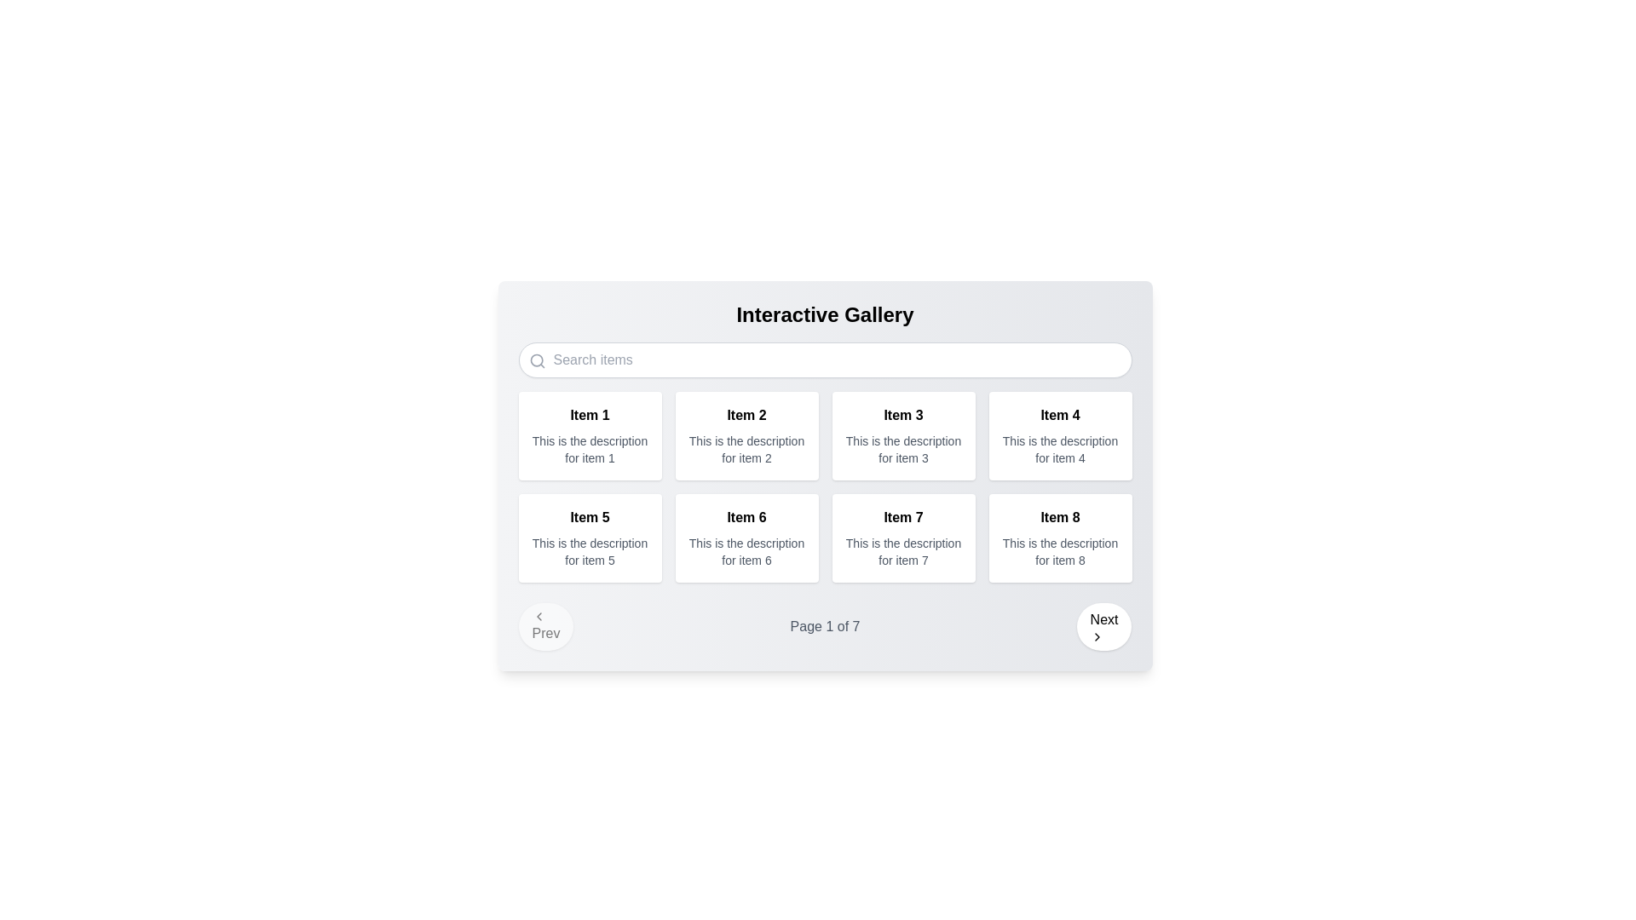  What do you see at coordinates (1059, 449) in the screenshot?
I see `the text label displaying 'This is the description for item 4', which is styled with a small gray font and located in the second line below the title 'Item 4' in the fourth column of the first row` at bounding box center [1059, 449].